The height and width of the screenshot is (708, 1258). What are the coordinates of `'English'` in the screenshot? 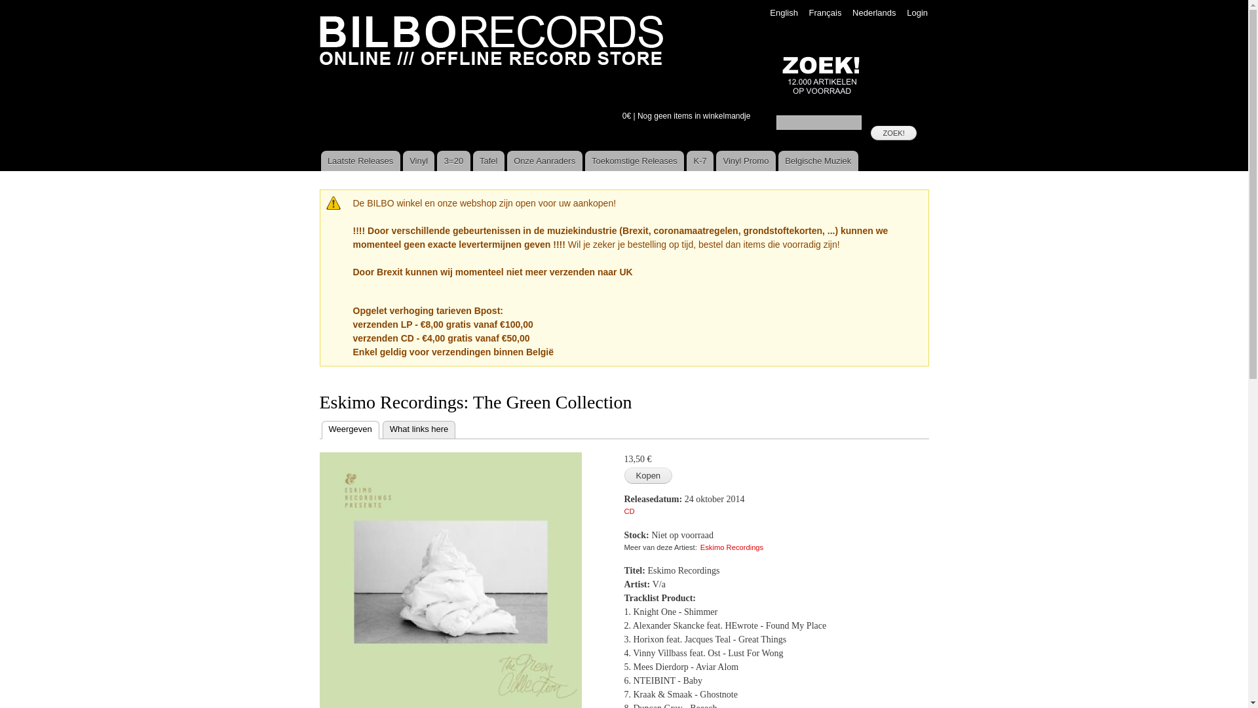 It's located at (784, 12).